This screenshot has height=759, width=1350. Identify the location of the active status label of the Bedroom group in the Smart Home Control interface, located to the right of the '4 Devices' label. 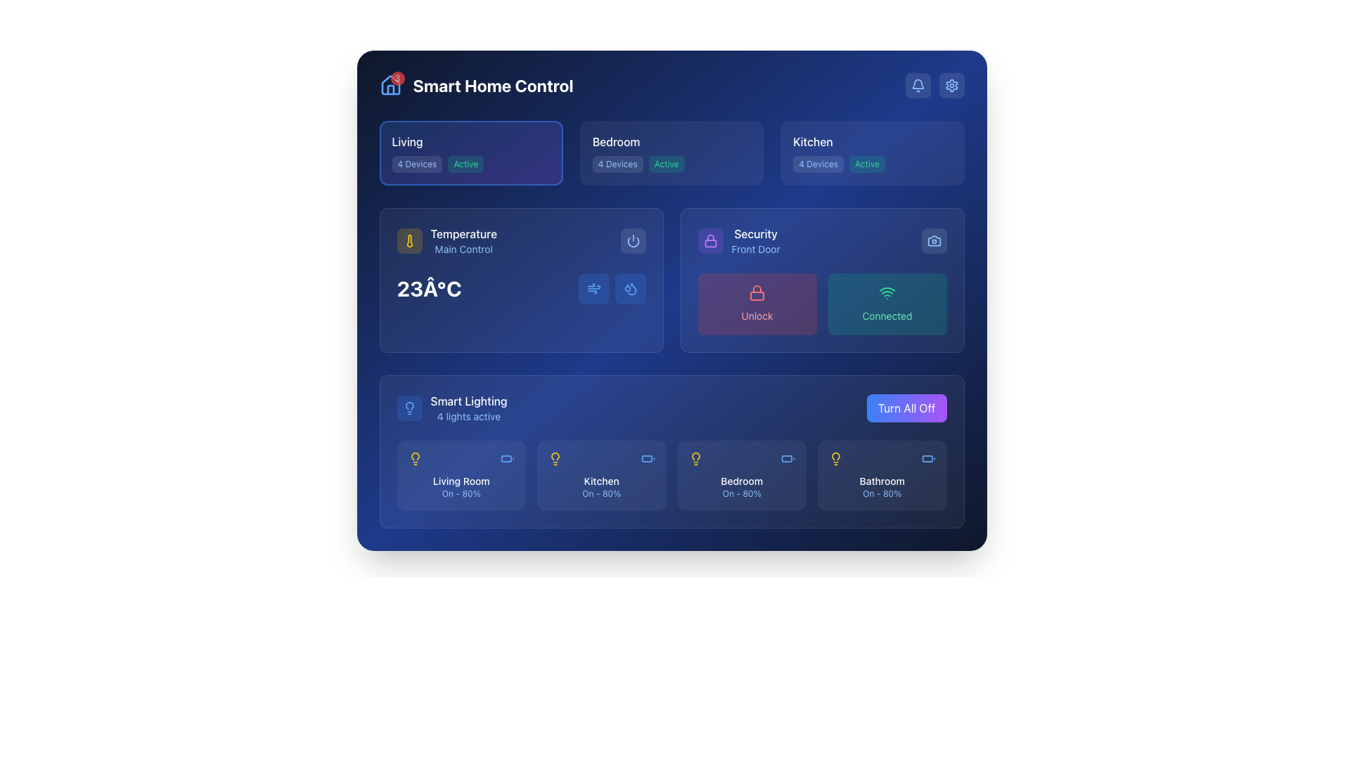
(666, 164).